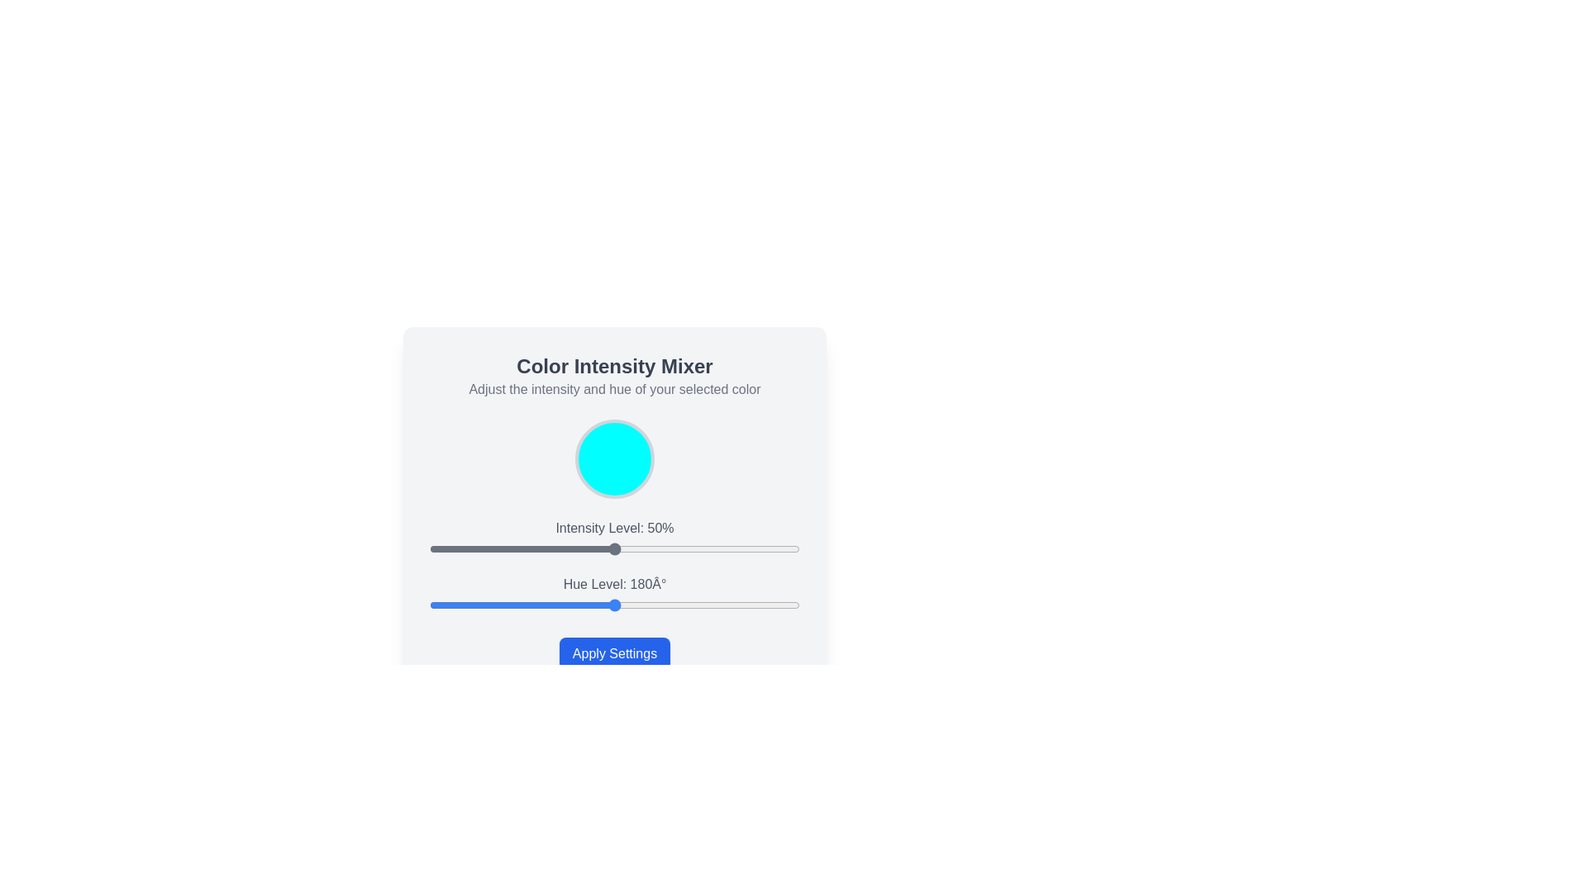 The height and width of the screenshot is (892, 1587). I want to click on the hue level slider to 348°, so click(787, 605).